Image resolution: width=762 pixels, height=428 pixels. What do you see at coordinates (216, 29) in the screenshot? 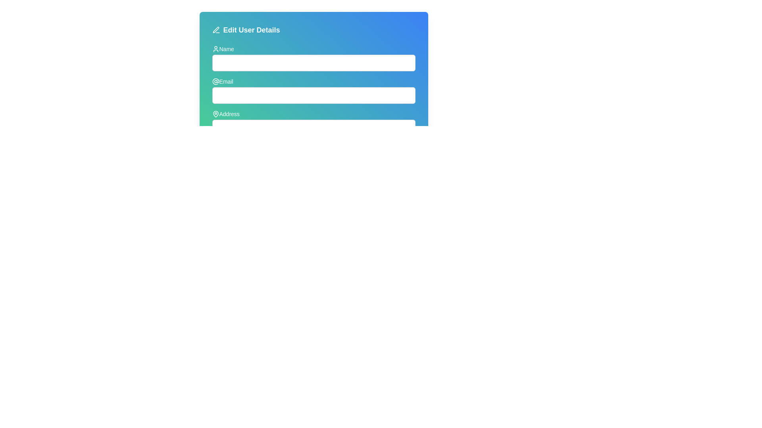
I see `the small pen or pencil icon for editing functionality, which is located inside a small red square near the 'Edit User Details' heading` at bounding box center [216, 29].